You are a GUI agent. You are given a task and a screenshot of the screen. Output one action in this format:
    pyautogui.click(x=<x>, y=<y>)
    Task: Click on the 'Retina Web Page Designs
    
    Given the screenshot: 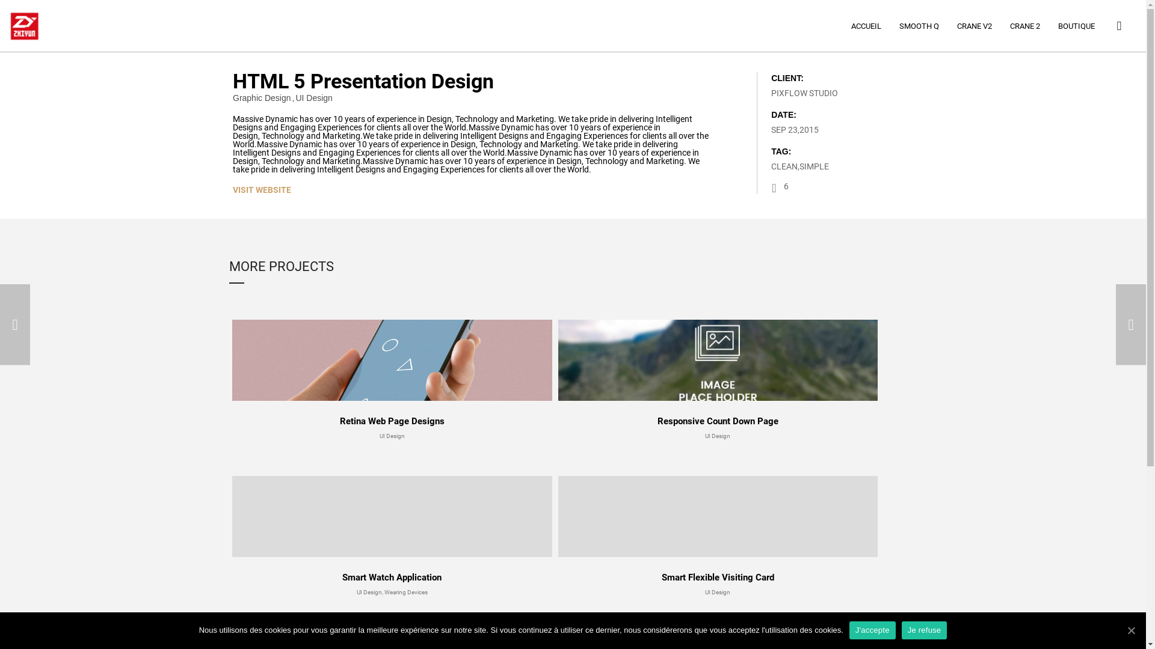 What is the action you would take?
    pyautogui.click(x=392, y=380)
    